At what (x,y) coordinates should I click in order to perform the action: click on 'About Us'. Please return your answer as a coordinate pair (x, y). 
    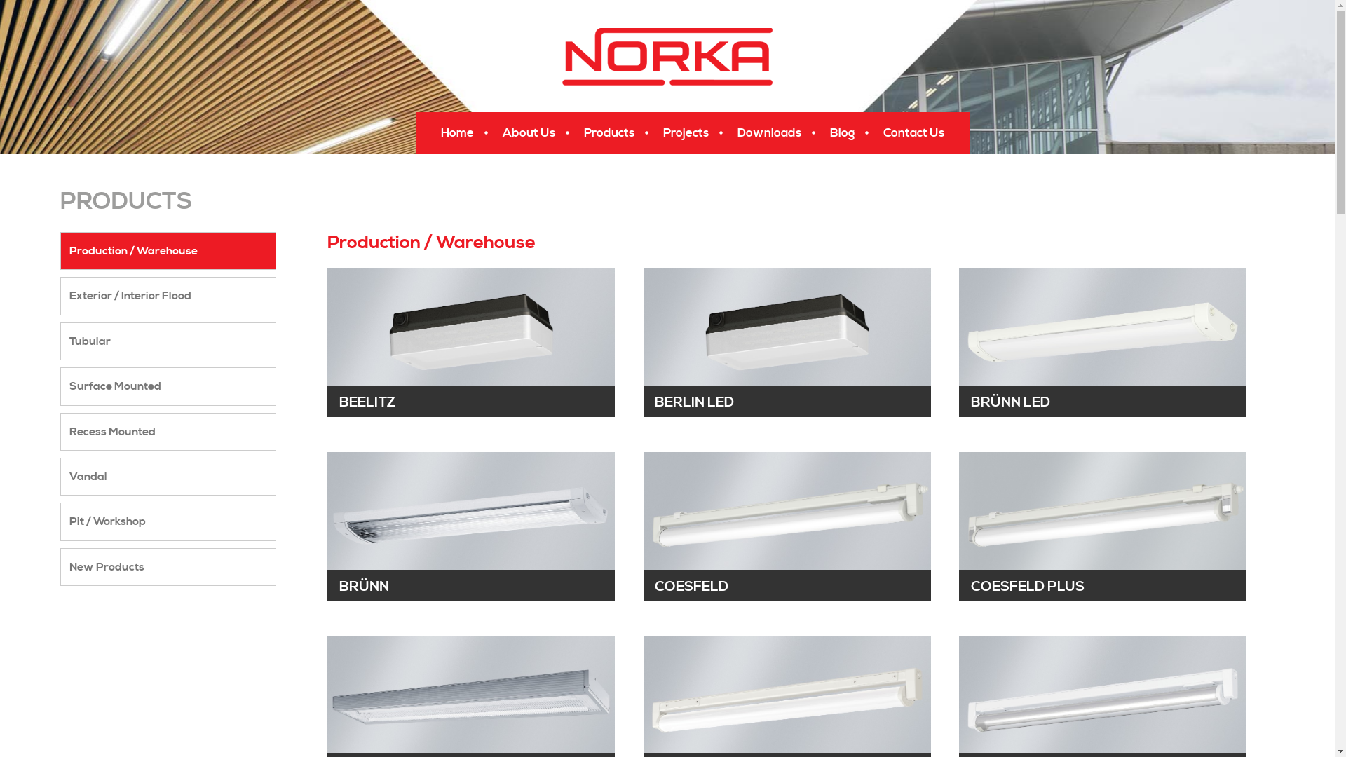
    Looking at the image, I should click on (529, 132).